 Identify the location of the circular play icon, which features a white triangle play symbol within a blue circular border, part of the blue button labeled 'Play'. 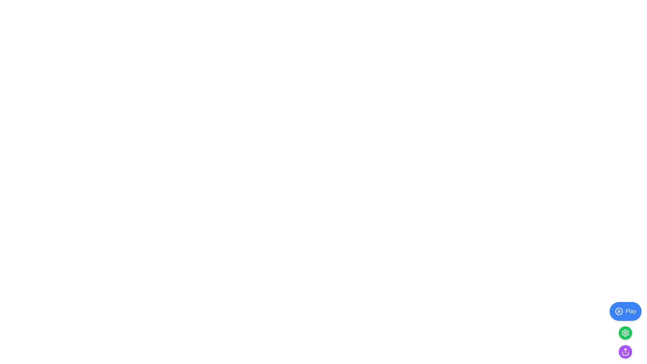
(619, 311).